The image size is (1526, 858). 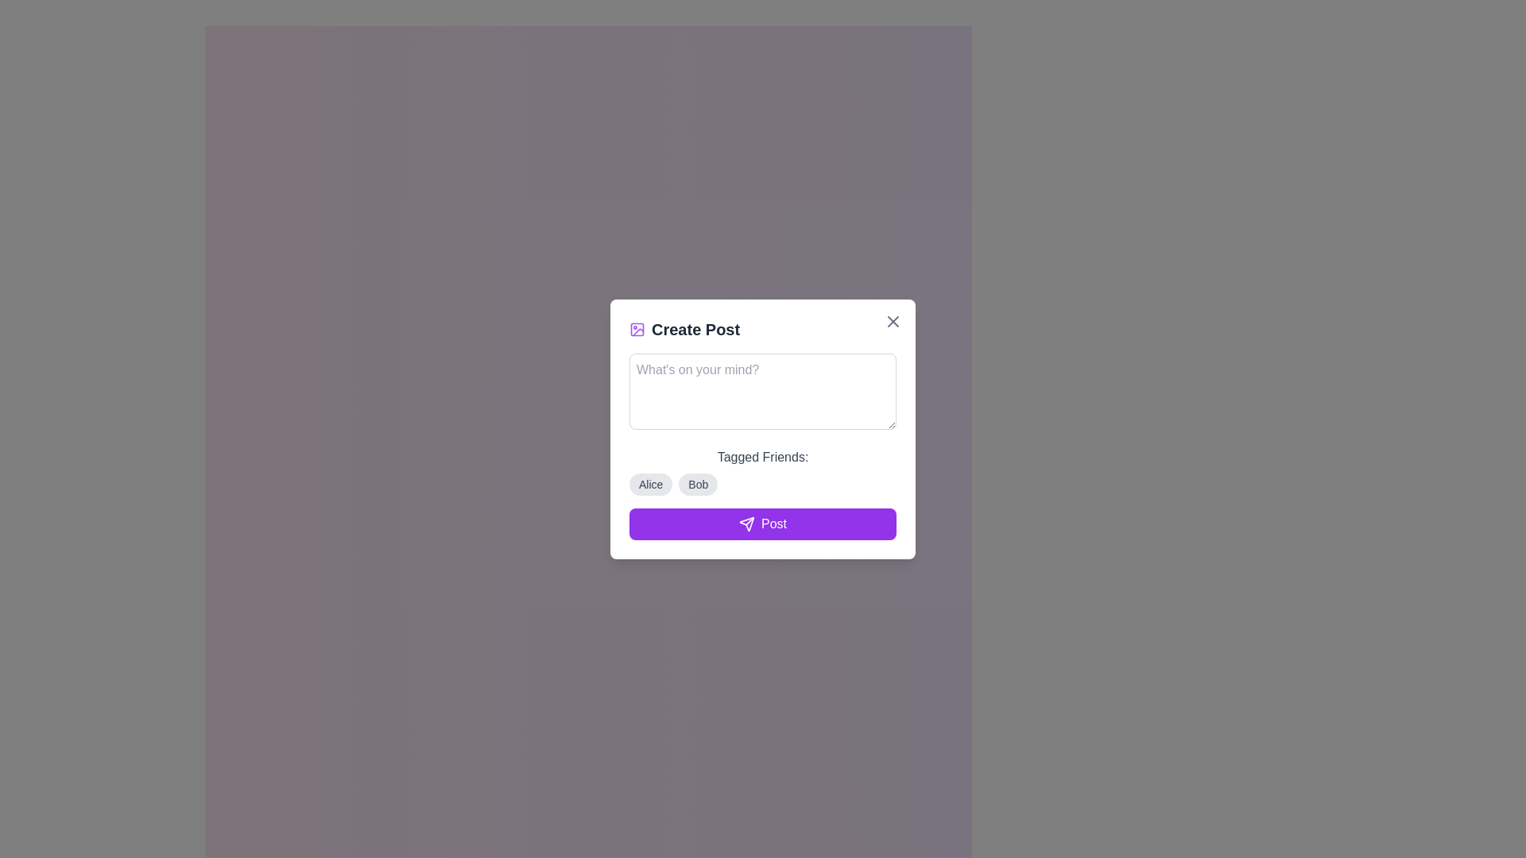 I want to click on the submit button located at the bottom of the 'Create Post' dialog to trigger hover effects, so click(x=763, y=524).